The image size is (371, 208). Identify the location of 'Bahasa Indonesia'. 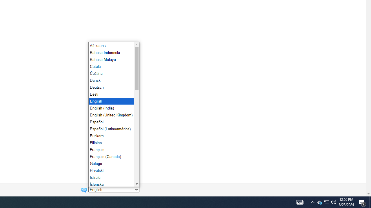
(111, 52).